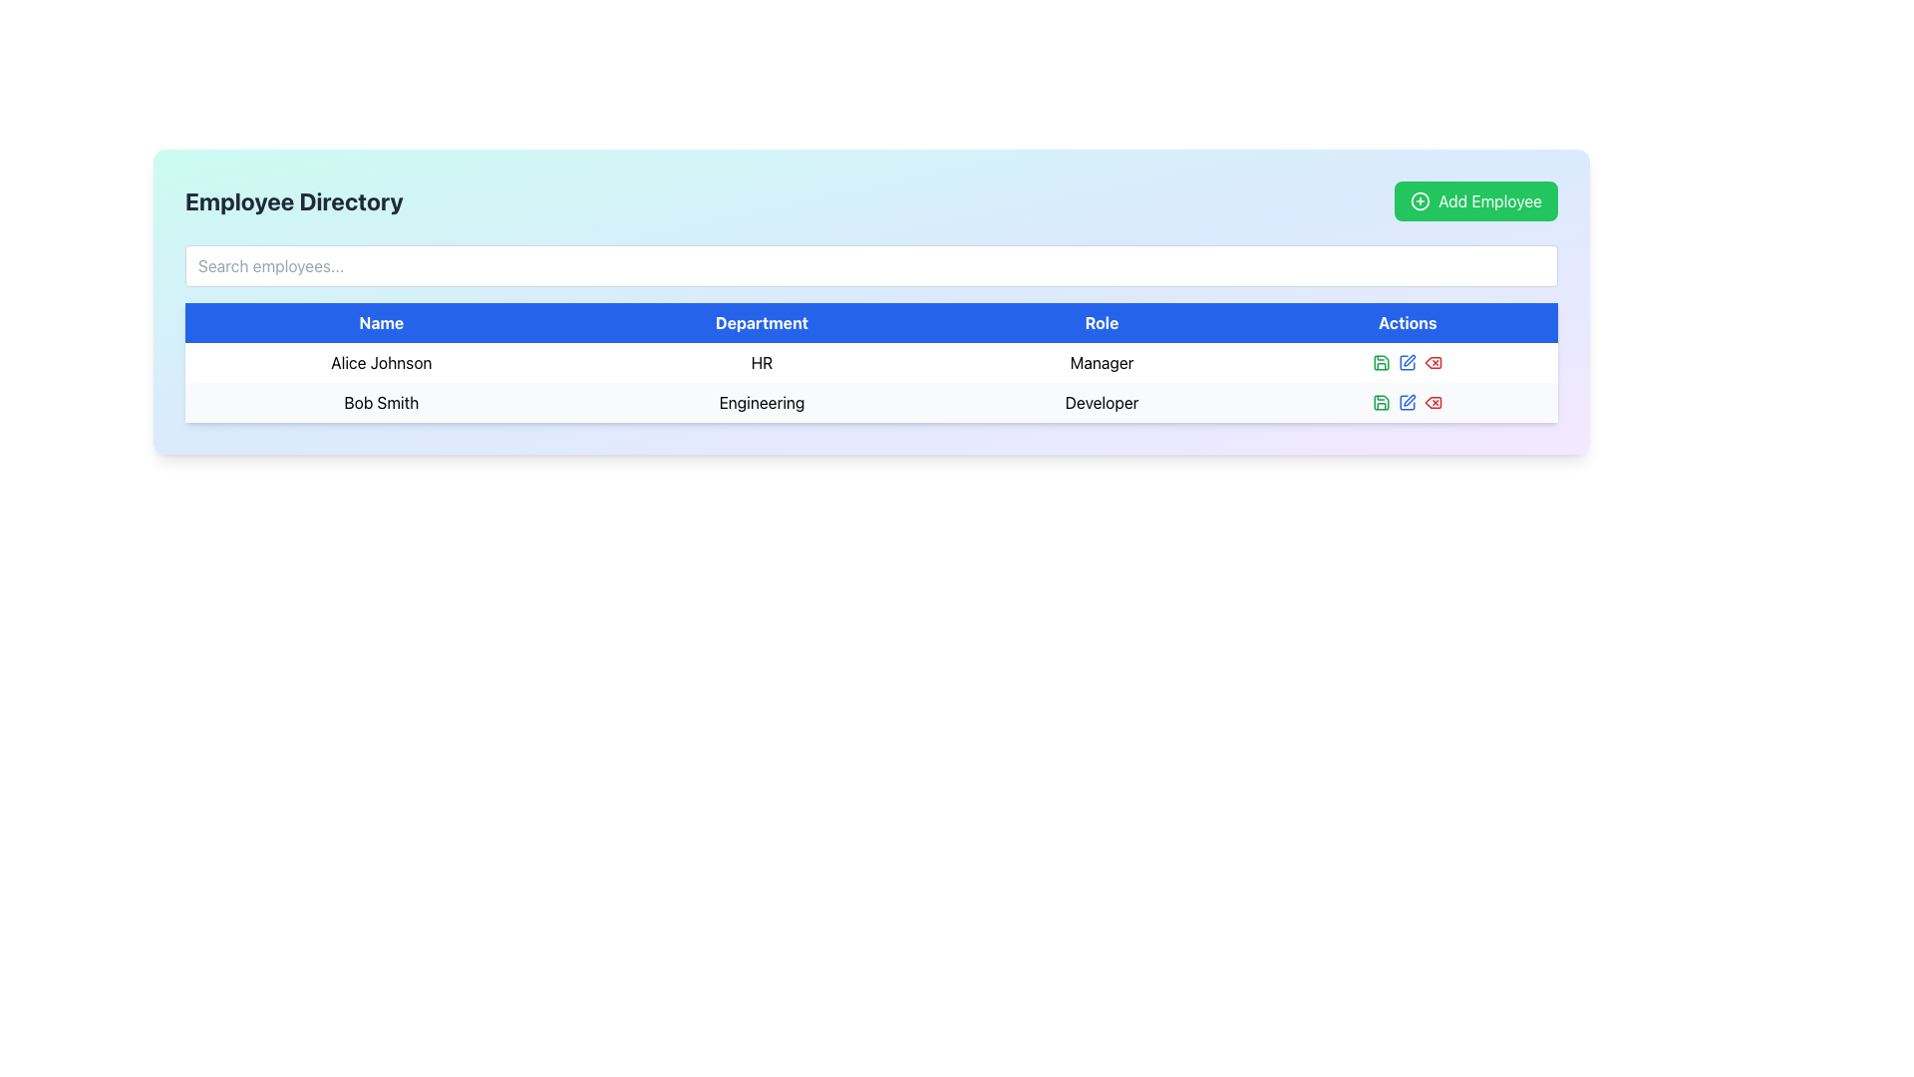 This screenshot has height=1077, width=1914. I want to click on the Text label displaying the name of a specific individual in the second row of the table, located in the 'Name' column, so click(381, 403).